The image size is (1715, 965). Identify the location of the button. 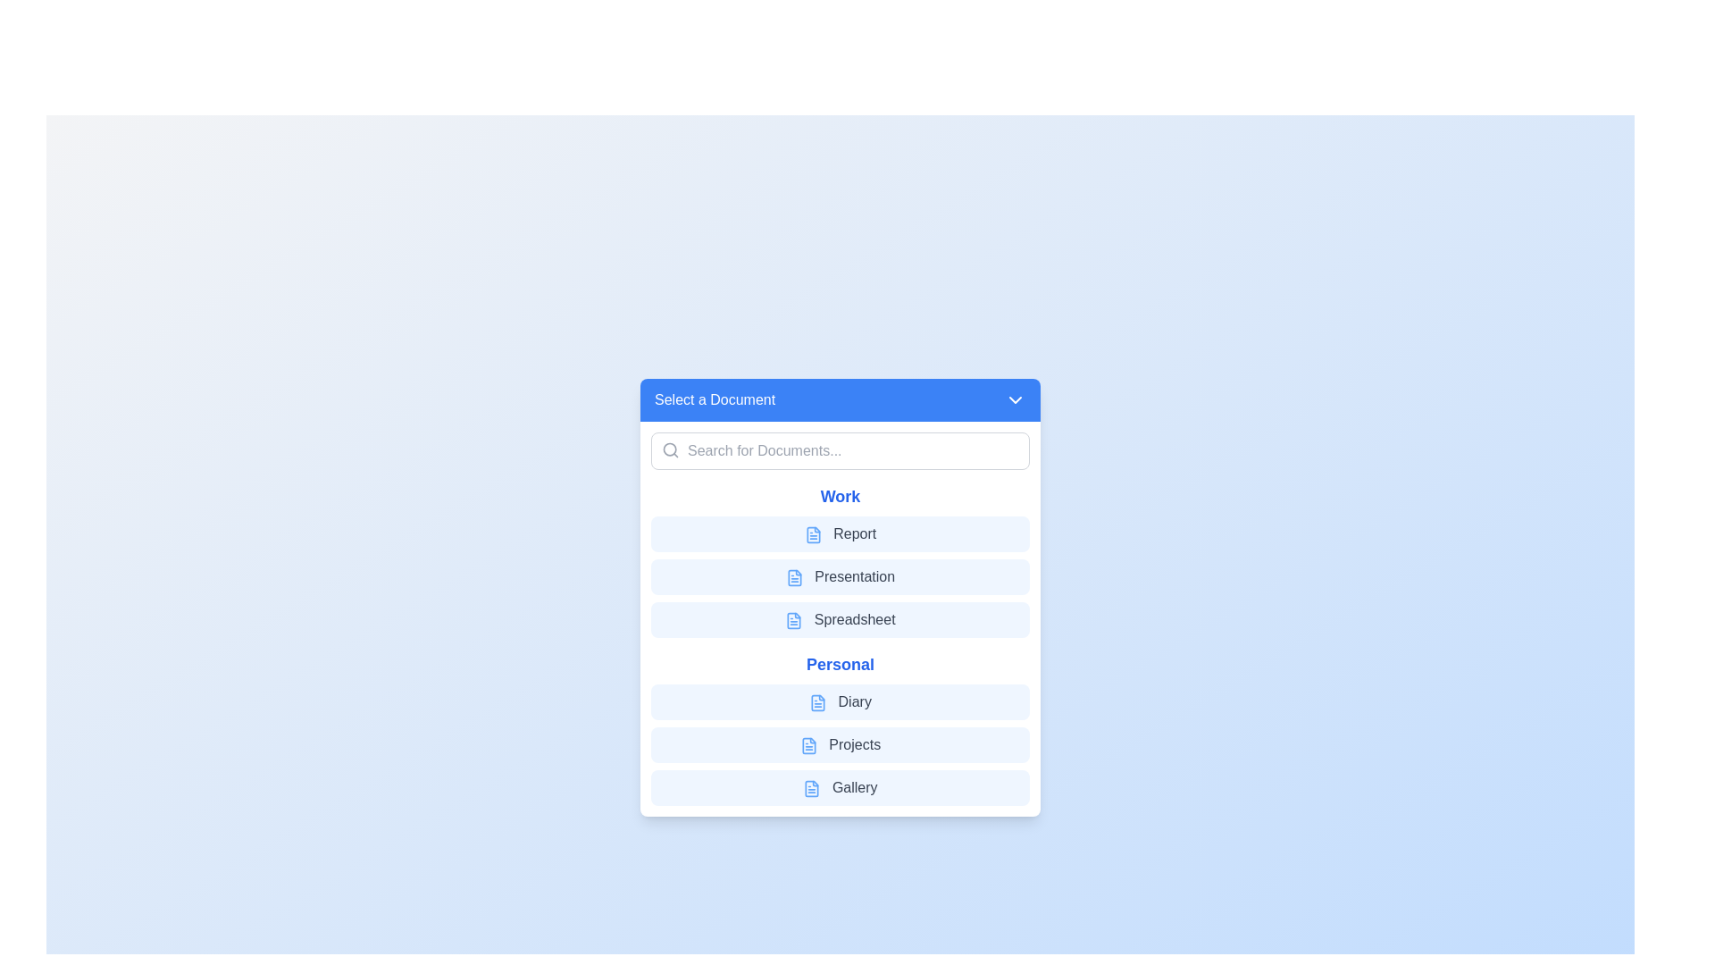
(839, 533).